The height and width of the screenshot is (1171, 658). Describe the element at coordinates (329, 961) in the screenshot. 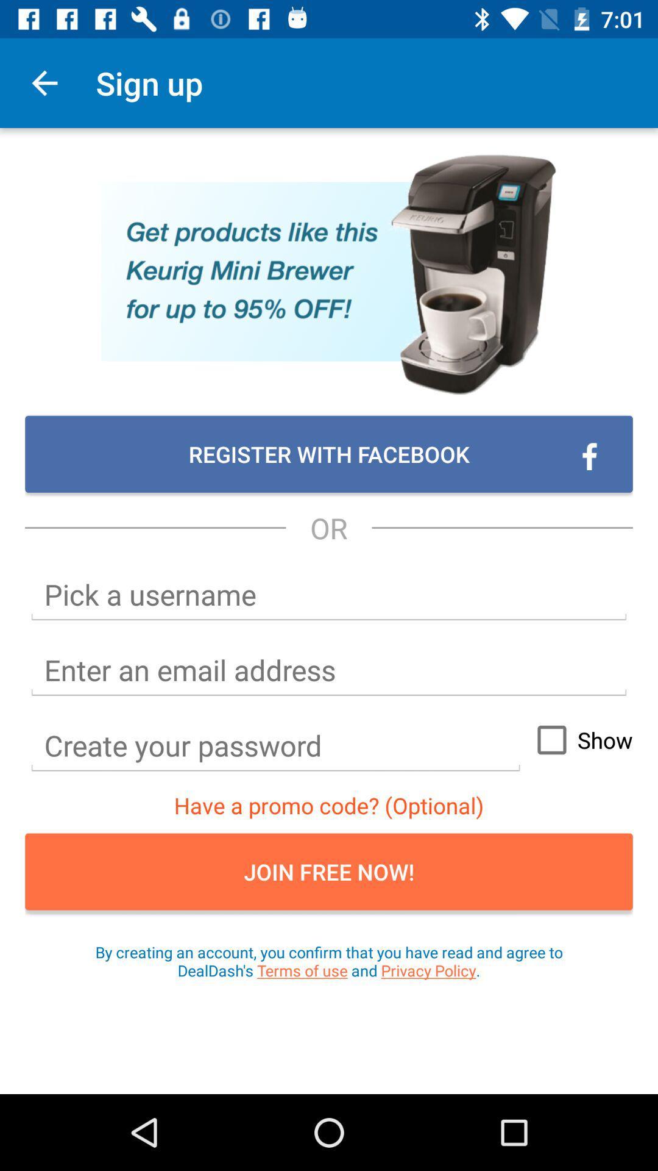

I see `the icon below join free now! item` at that location.